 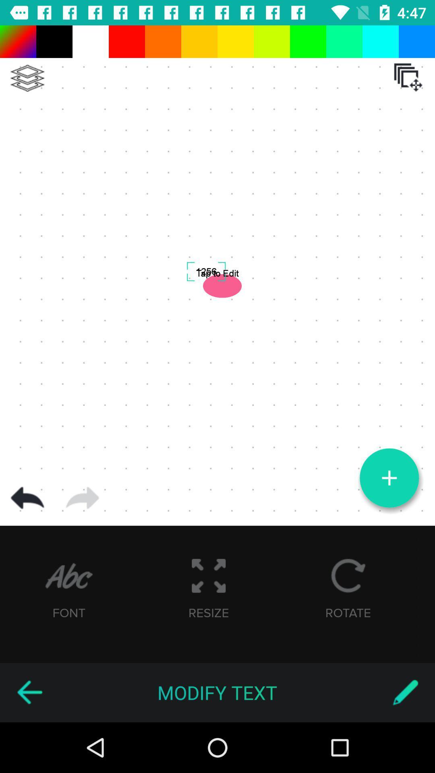 What do you see at coordinates (27, 498) in the screenshot?
I see `undo` at bounding box center [27, 498].